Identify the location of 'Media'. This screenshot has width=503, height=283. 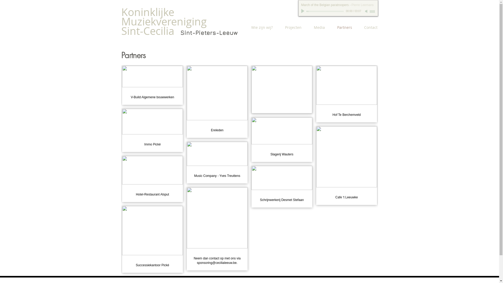
(317, 27).